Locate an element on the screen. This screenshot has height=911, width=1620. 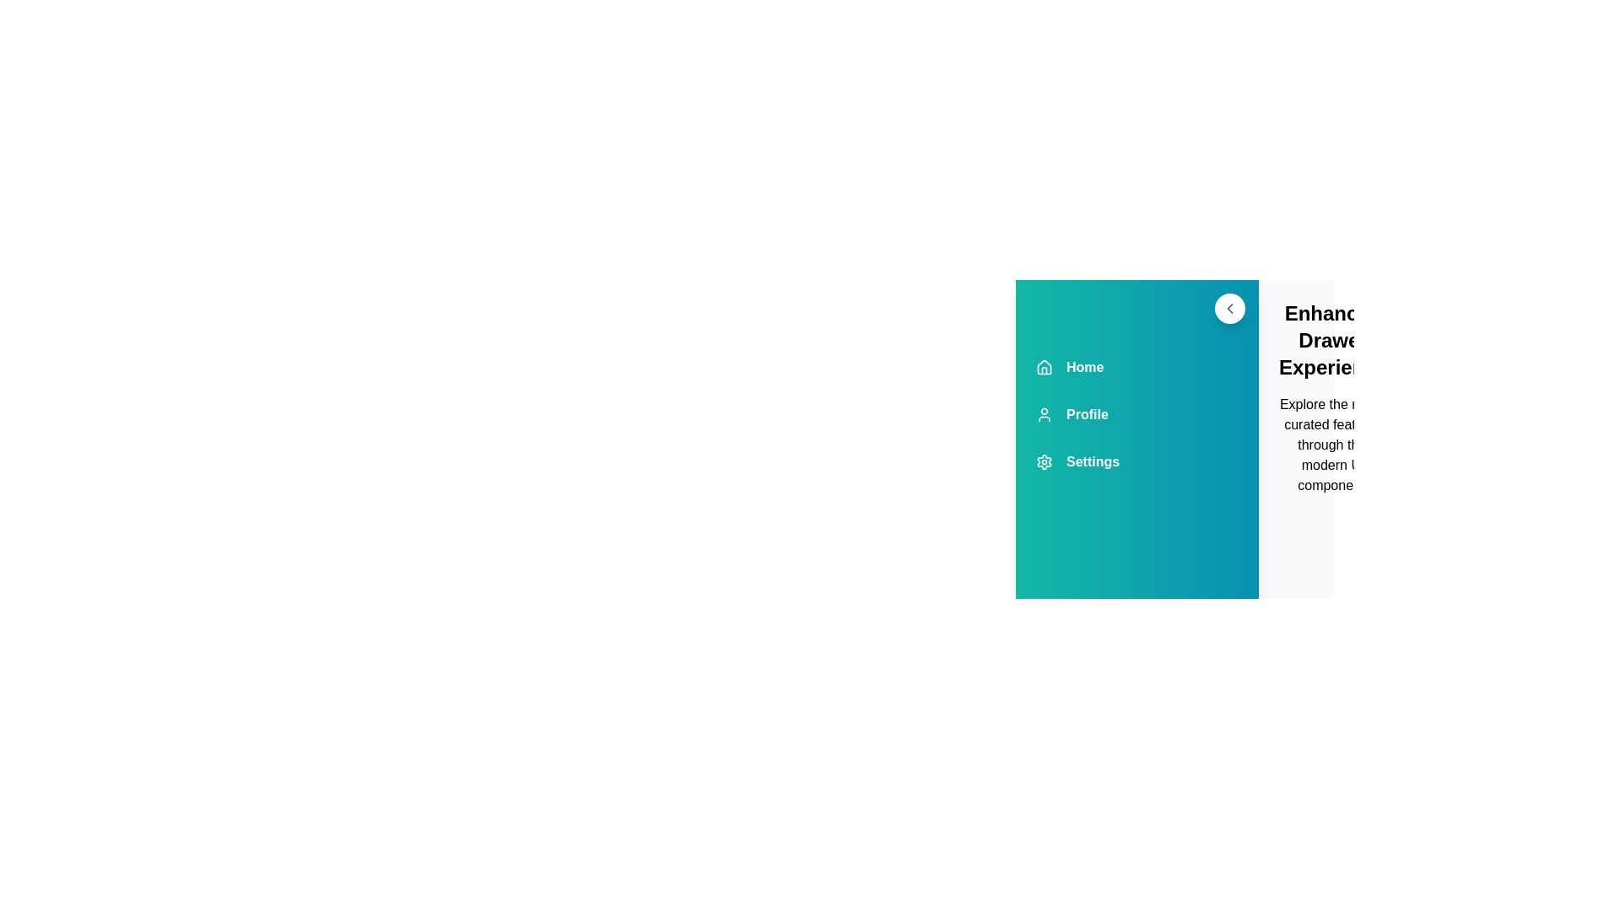
the Home navigation item in the drawer is located at coordinates (1137, 366).